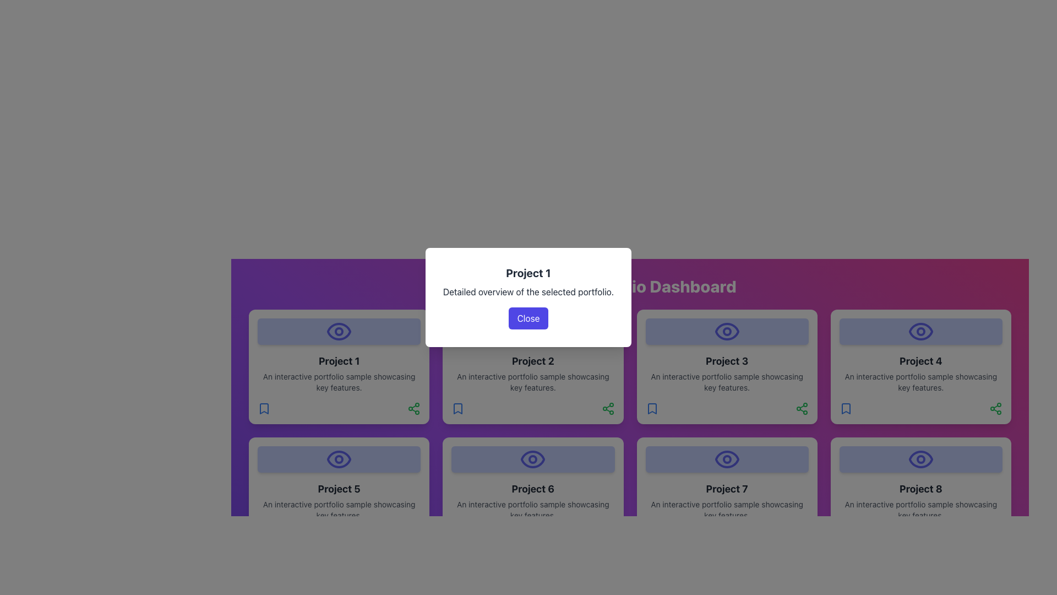  I want to click on text element providing a concise description of the 'Project 5' portfolio item located below the title 'Project 5' in the fifth card of the grid layout, so click(339, 510).